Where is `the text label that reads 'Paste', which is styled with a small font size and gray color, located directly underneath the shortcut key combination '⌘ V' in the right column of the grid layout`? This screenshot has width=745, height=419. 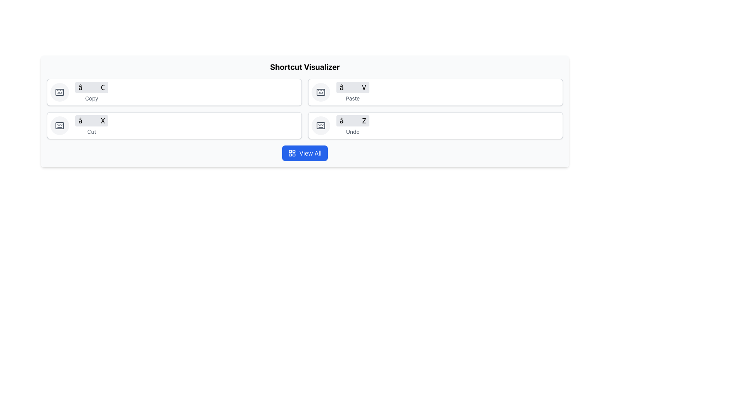 the text label that reads 'Paste', which is styled with a small font size and gray color, located directly underneath the shortcut key combination '⌘ V' in the right column of the grid layout is located at coordinates (352, 98).